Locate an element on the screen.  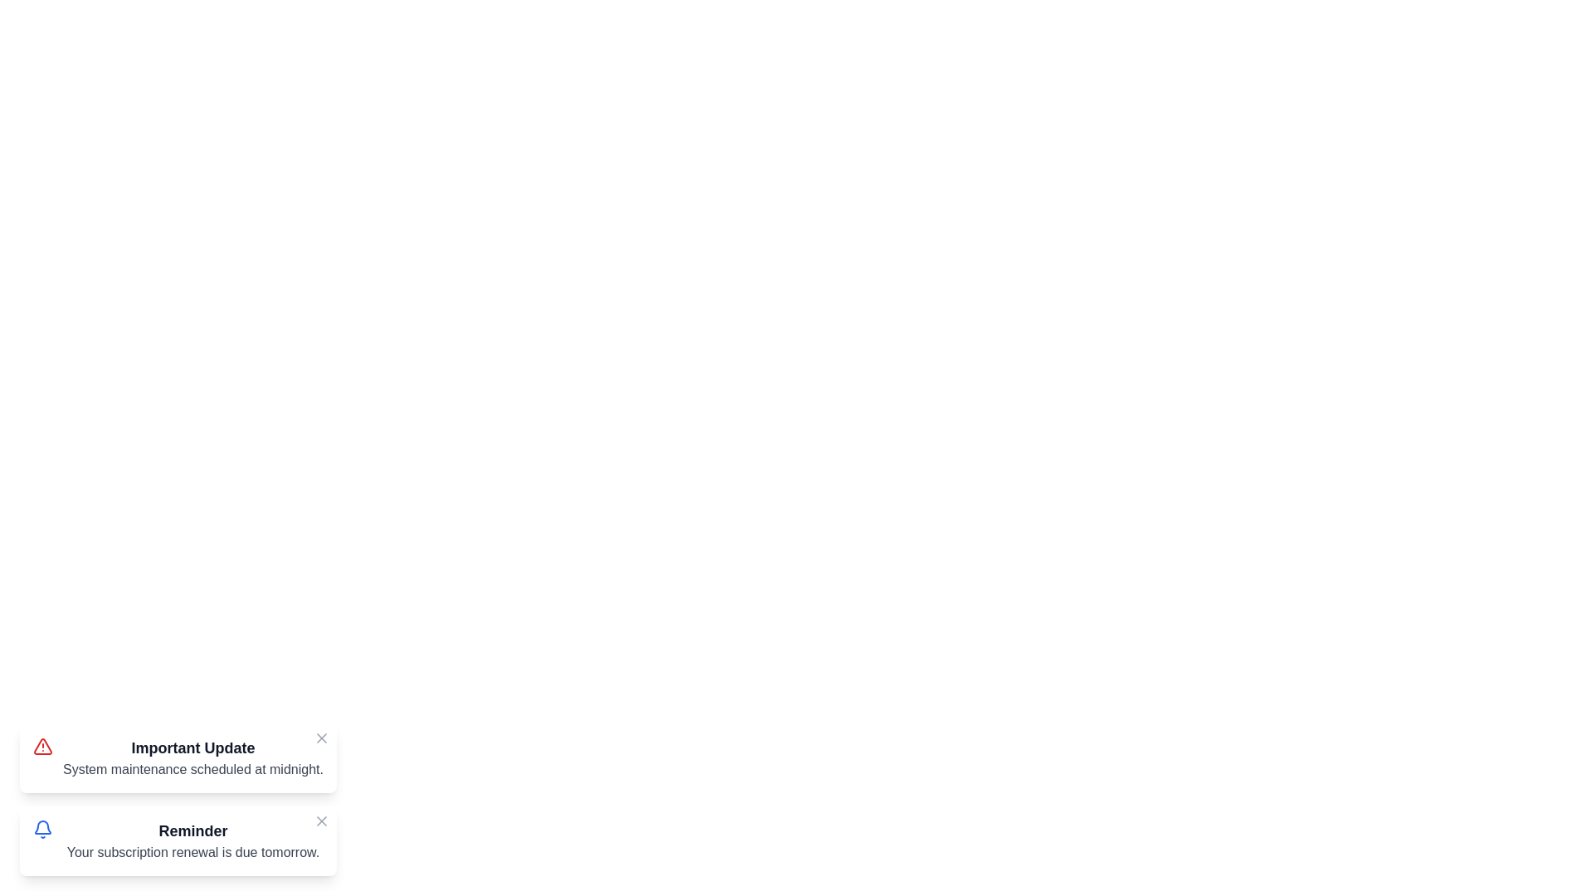
close button of the snackbar with the title Important Update is located at coordinates (322, 738).